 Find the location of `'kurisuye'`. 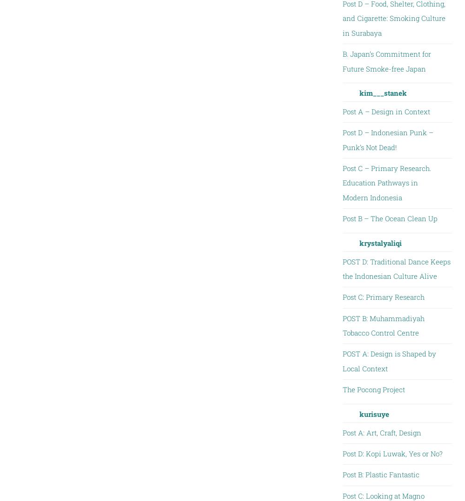

'kurisuye' is located at coordinates (374, 413).